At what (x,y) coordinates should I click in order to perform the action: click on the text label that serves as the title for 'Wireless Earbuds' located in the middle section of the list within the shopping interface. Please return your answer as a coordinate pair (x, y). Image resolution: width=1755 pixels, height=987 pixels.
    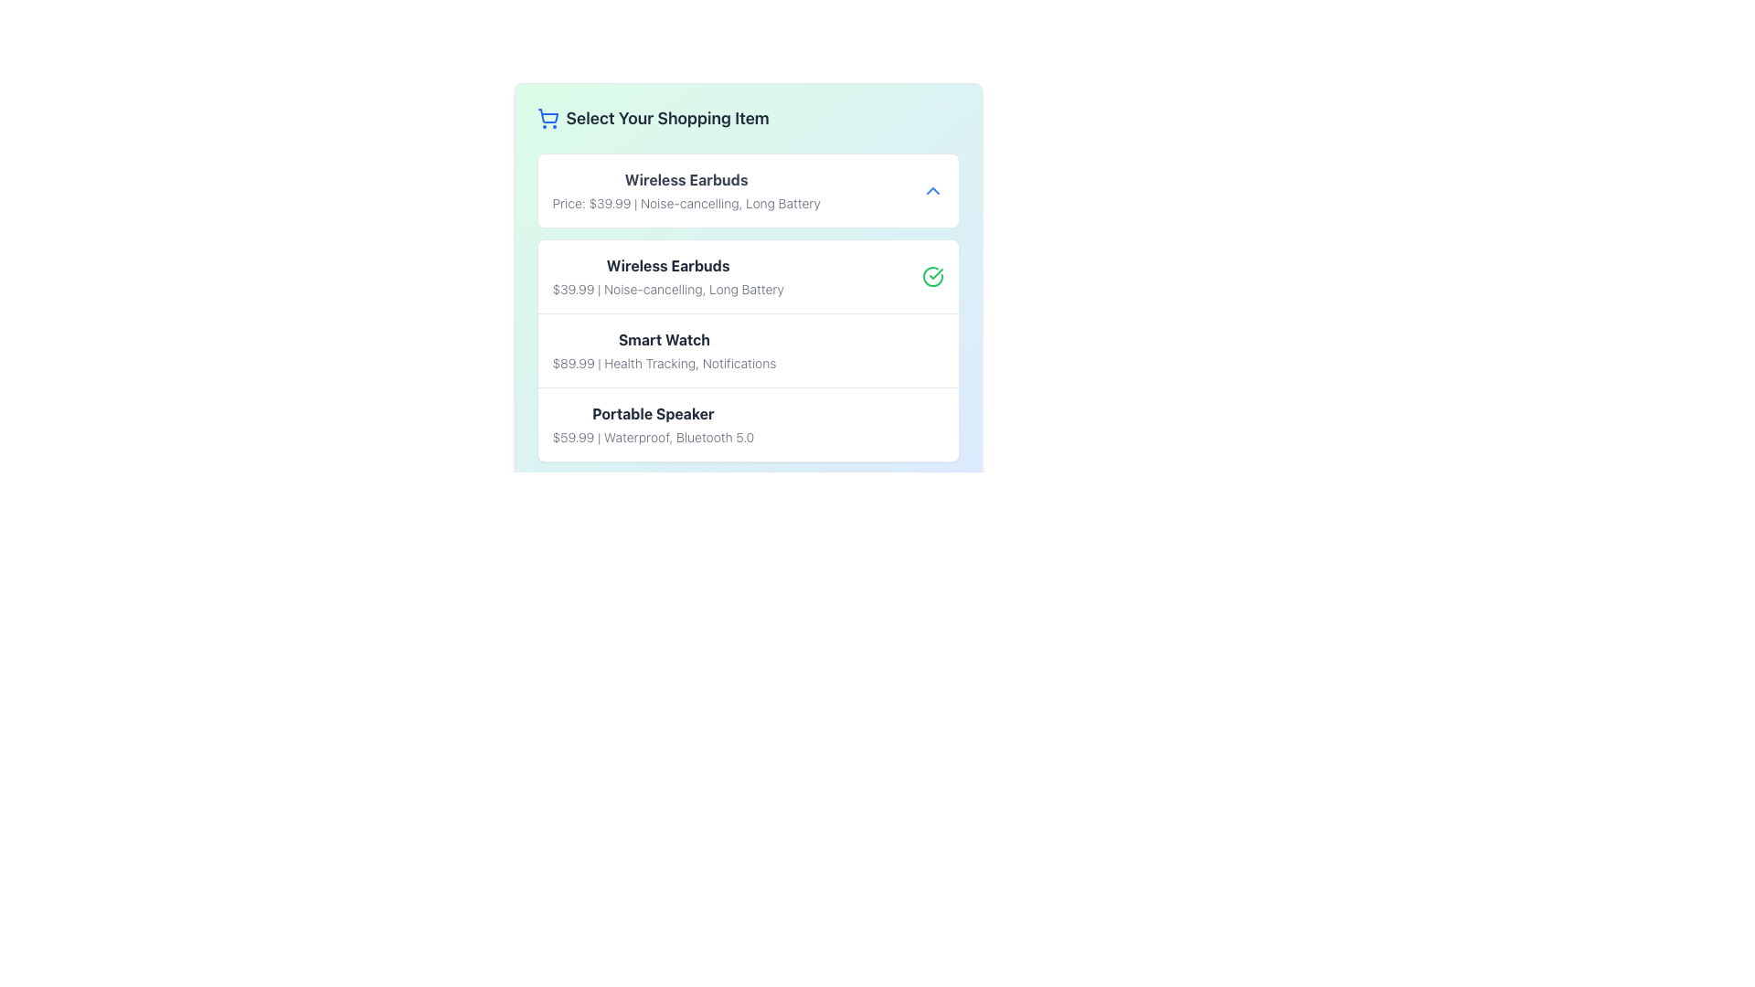
    Looking at the image, I should click on (667, 265).